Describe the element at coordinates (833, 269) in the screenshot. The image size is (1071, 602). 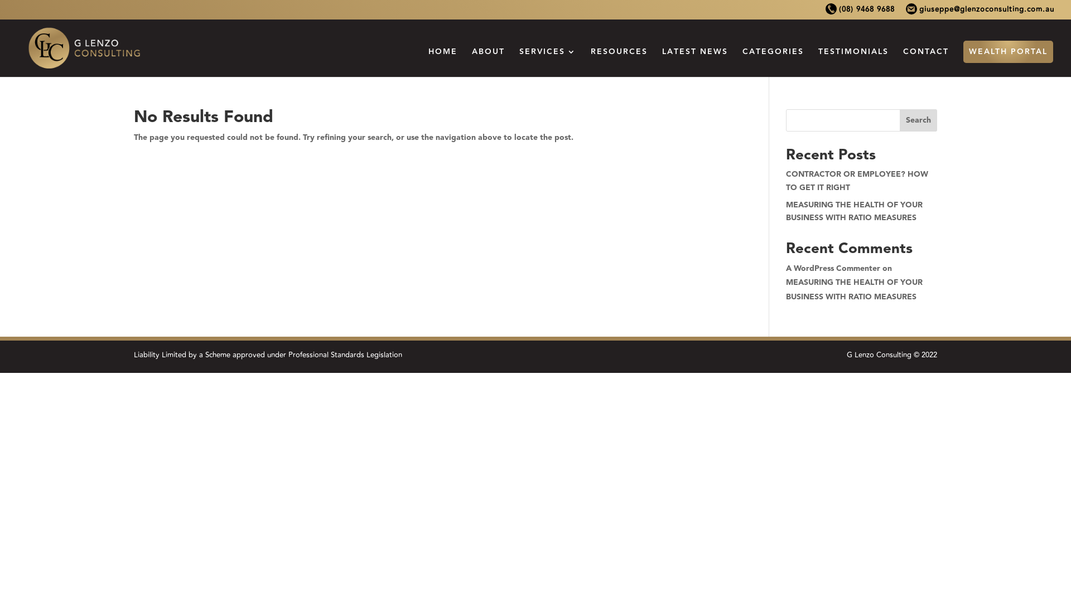
I see `'A WordPress Commenter'` at that location.